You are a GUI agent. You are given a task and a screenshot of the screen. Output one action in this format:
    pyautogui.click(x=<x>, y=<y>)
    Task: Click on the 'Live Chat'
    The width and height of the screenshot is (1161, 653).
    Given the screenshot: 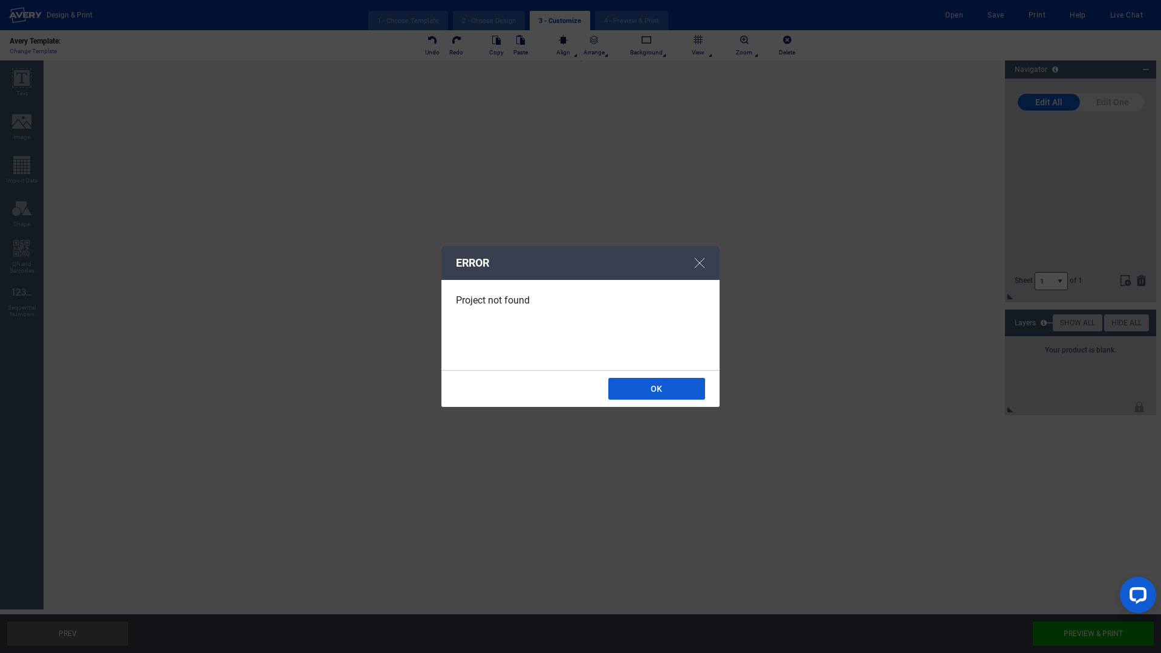 What is the action you would take?
    pyautogui.click(x=1110, y=15)
    